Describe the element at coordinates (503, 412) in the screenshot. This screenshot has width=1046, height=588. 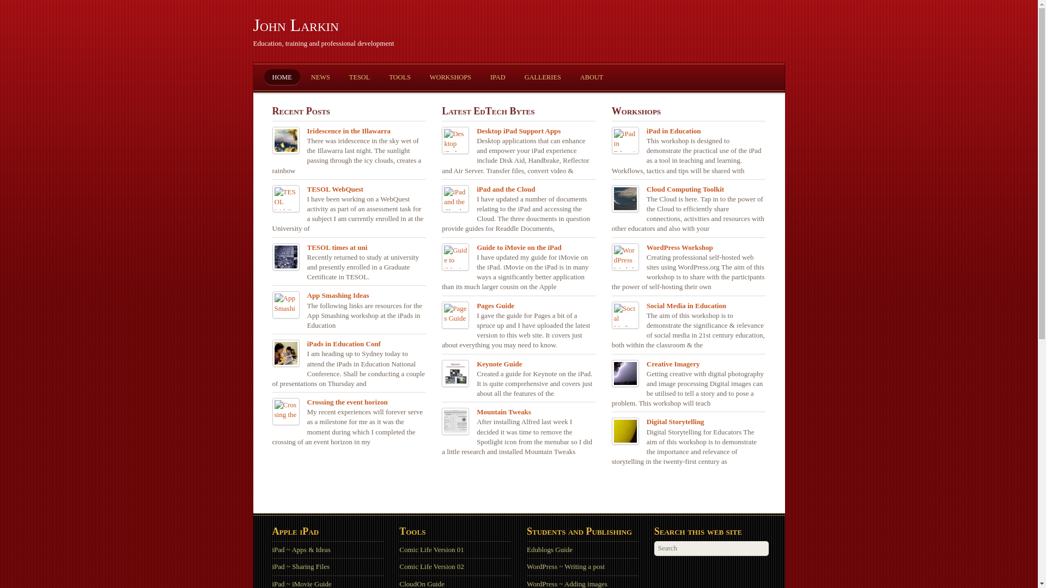
I see `'Mountain Tweaks'` at that location.